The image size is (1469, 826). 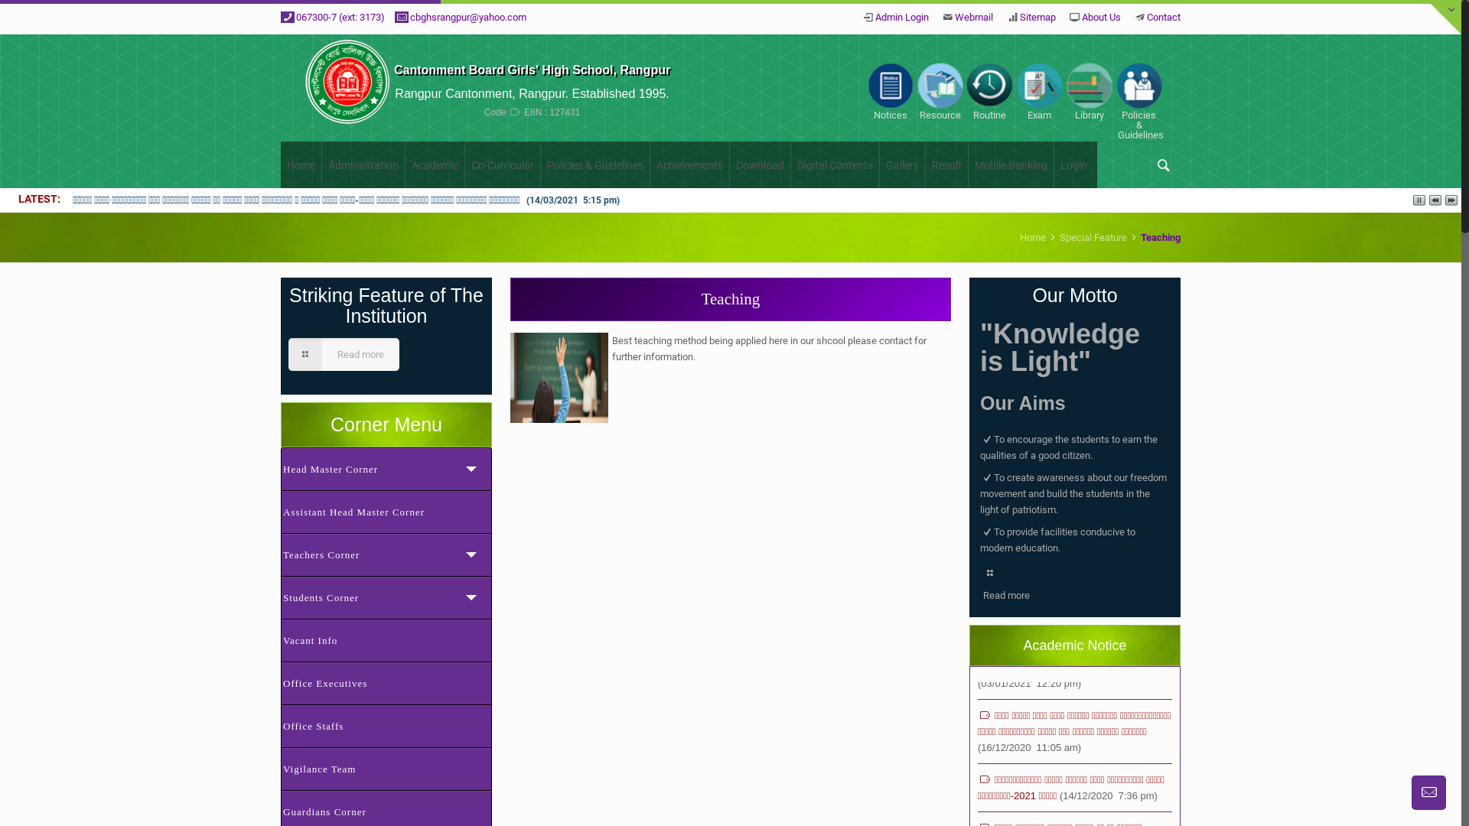 I want to click on 'Special Feature', so click(x=1093, y=237).